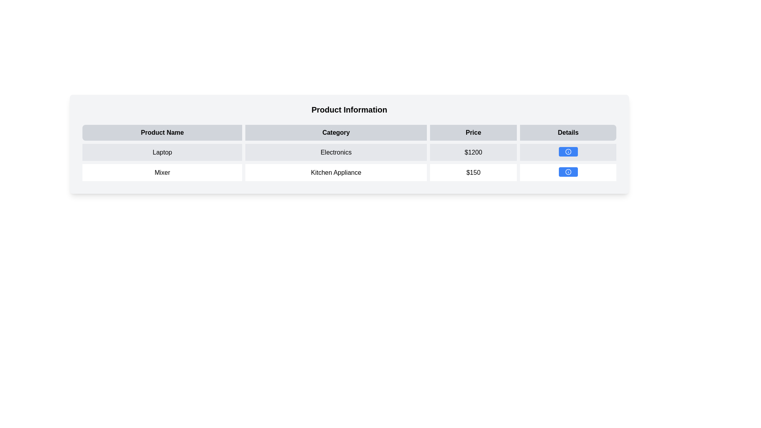 The height and width of the screenshot is (428, 761). Describe the element at coordinates (568, 172) in the screenshot. I see `the icon within the blue button located in the 'Details' column of the second row of the table` at that location.